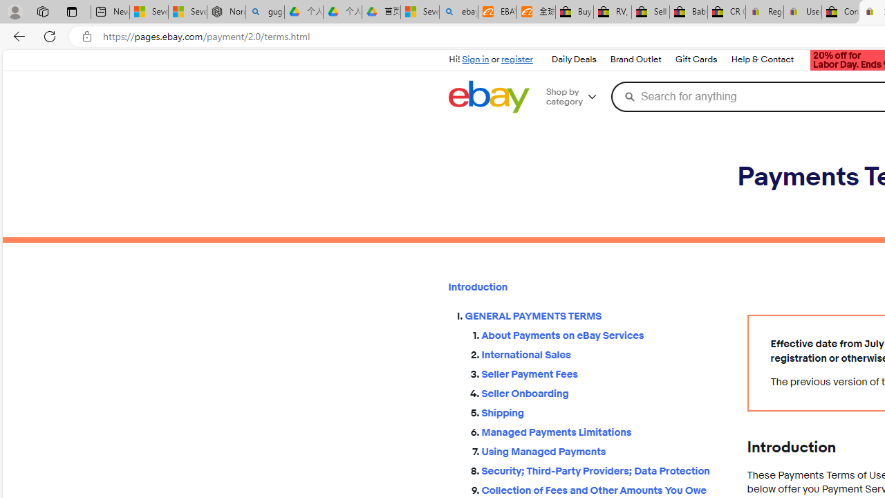 Image resolution: width=885 pixels, height=498 pixels. I want to click on 'Shipping', so click(603, 412).